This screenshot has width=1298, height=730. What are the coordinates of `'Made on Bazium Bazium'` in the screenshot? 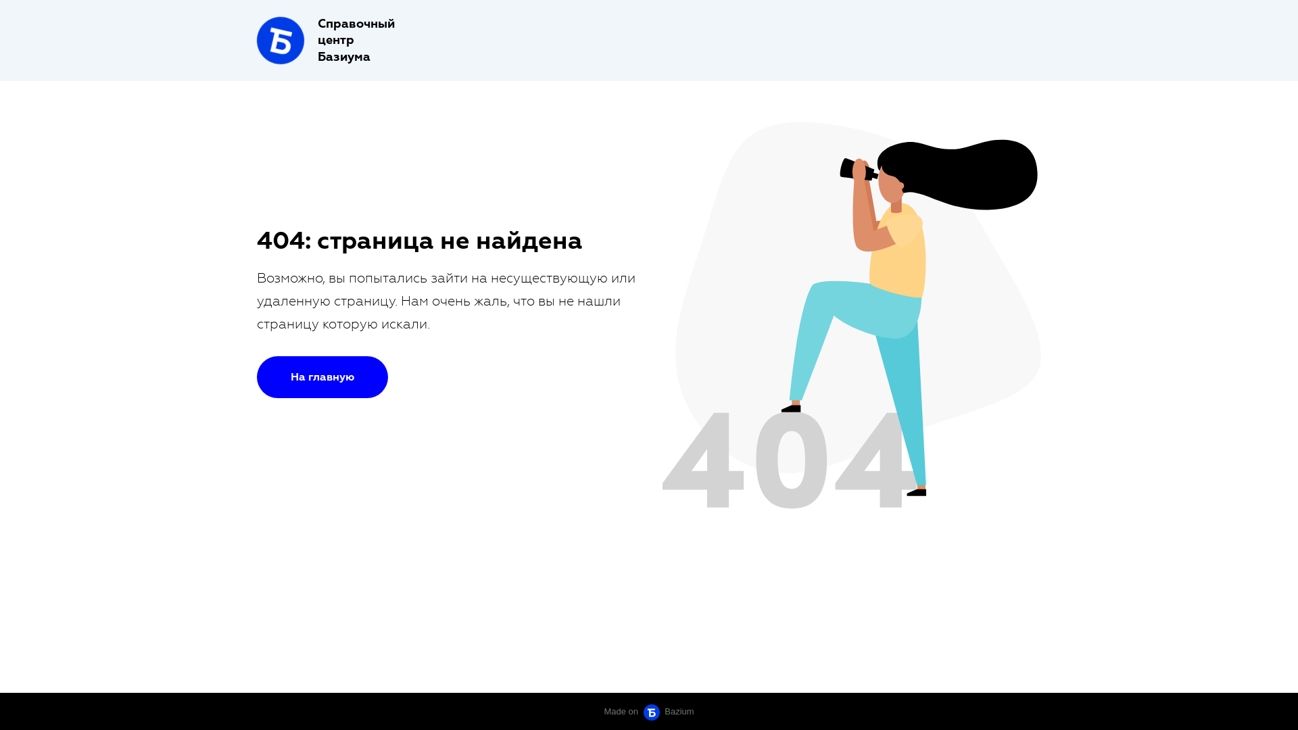 It's located at (648, 710).